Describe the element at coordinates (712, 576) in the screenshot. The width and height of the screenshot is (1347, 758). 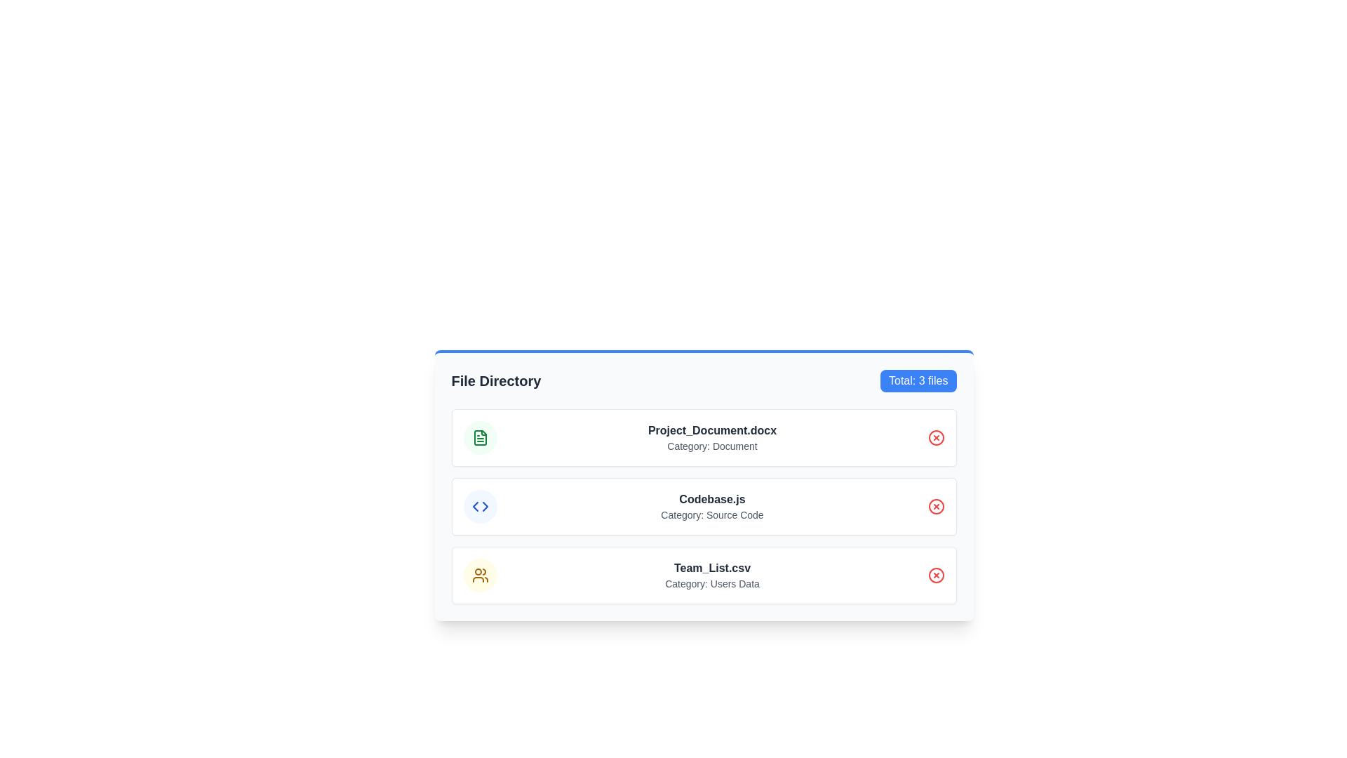
I see `the third file entry in the 'File Directory' list` at that location.